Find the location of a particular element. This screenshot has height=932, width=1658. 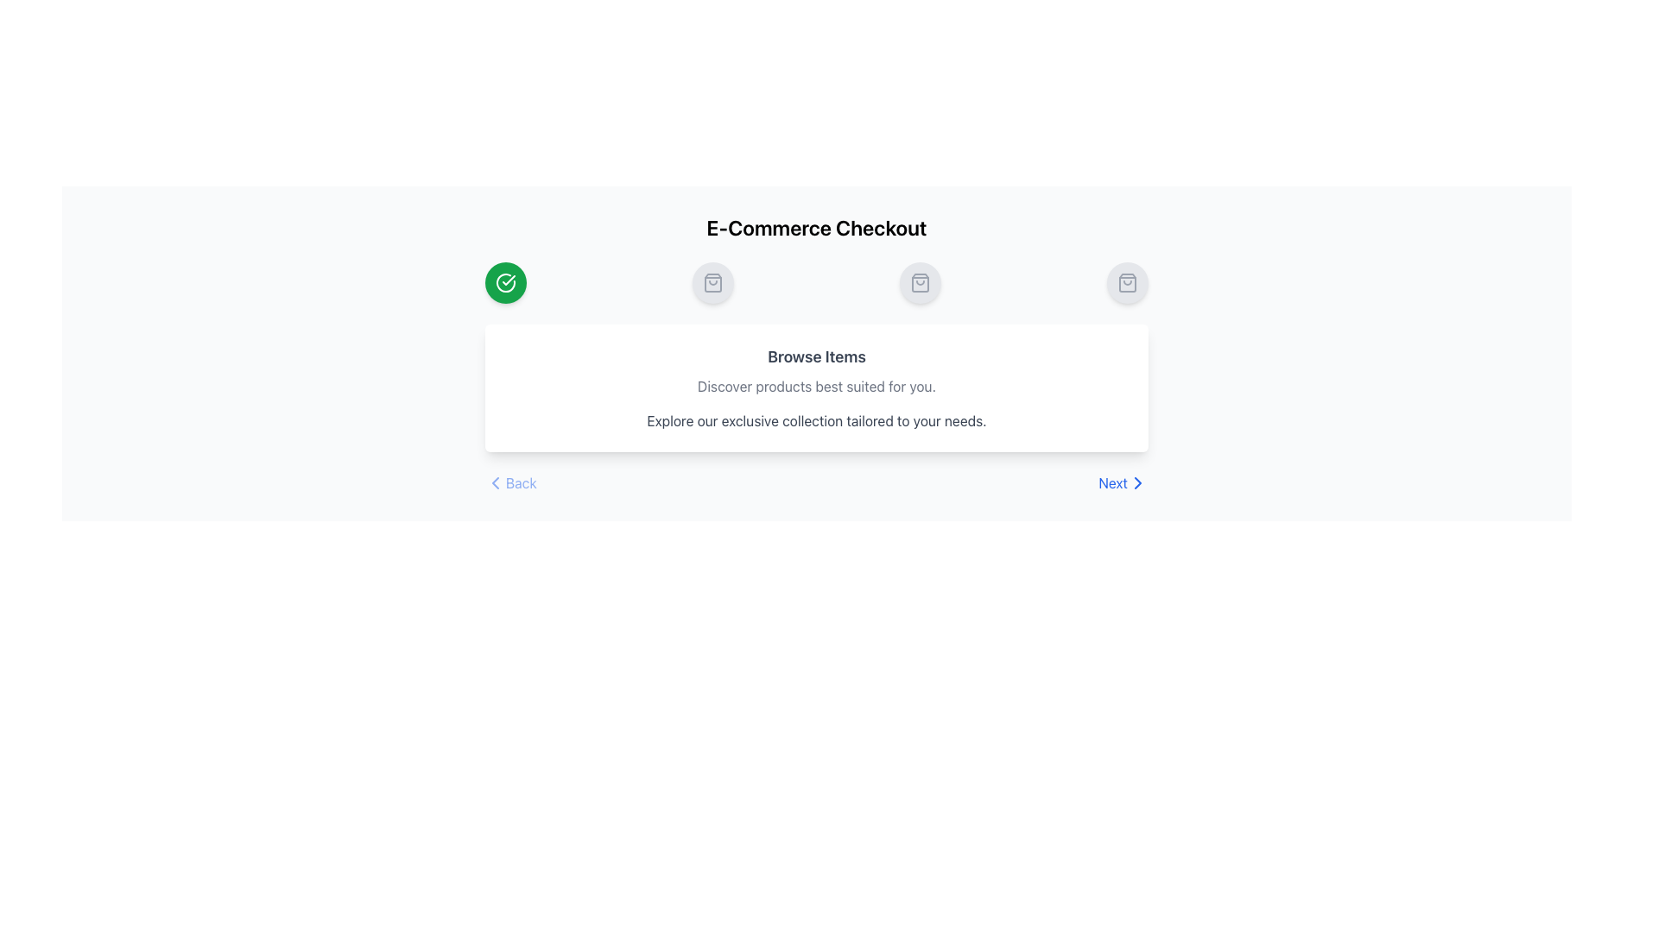

the small triangular arrow icon pointing towards the left, which is part of the 'Back' button group in the navigation area is located at coordinates (495, 482).